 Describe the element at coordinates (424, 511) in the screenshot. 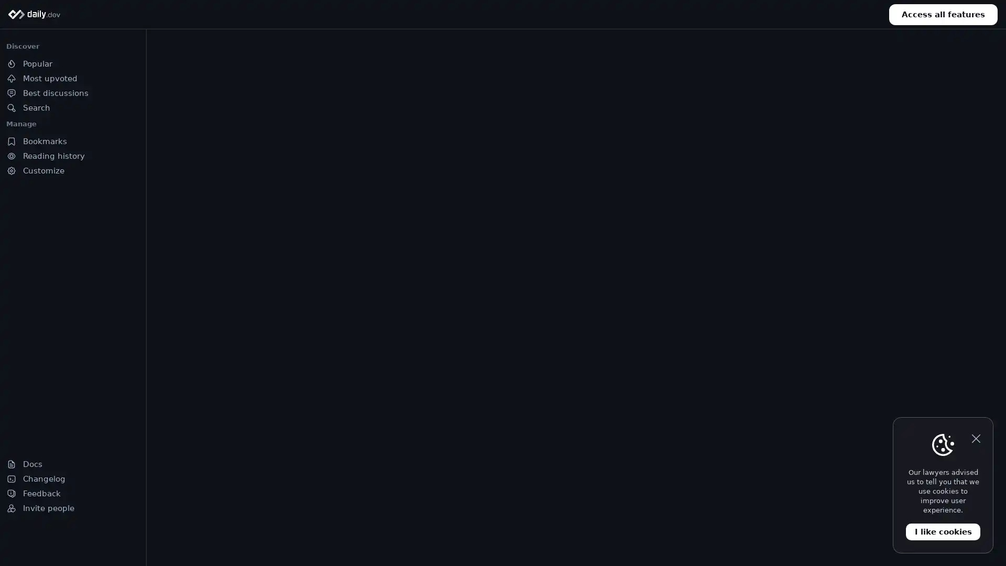

I see `Upvote` at that location.